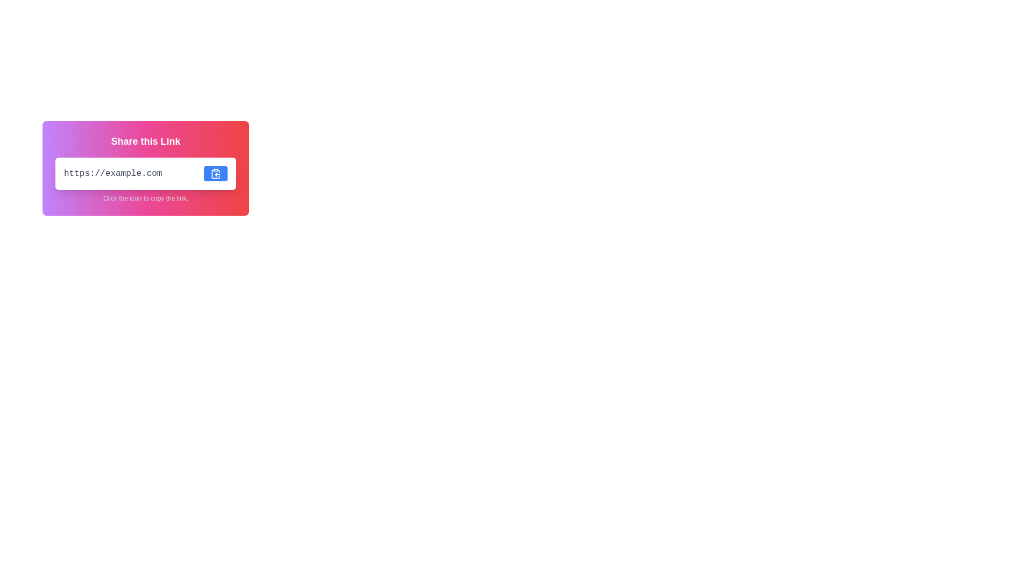 This screenshot has width=1033, height=581. Describe the element at coordinates (215, 173) in the screenshot. I see `the blue rectangular button with a white clip icon to copy the URL` at that location.